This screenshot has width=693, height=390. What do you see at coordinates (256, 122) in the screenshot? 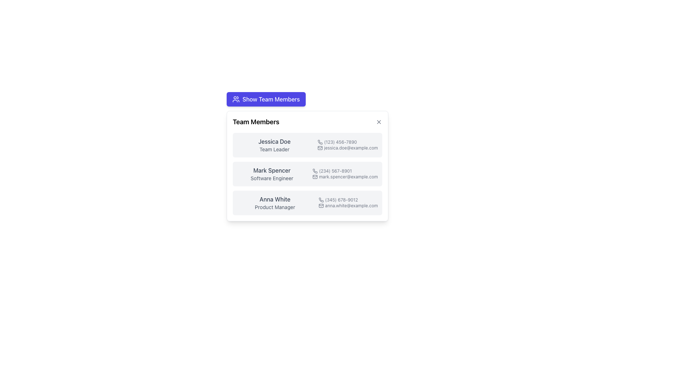
I see `the header label of the 'Team Members' panel, which is located at the top-left corner of the panel and serves as its title` at bounding box center [256, 122].